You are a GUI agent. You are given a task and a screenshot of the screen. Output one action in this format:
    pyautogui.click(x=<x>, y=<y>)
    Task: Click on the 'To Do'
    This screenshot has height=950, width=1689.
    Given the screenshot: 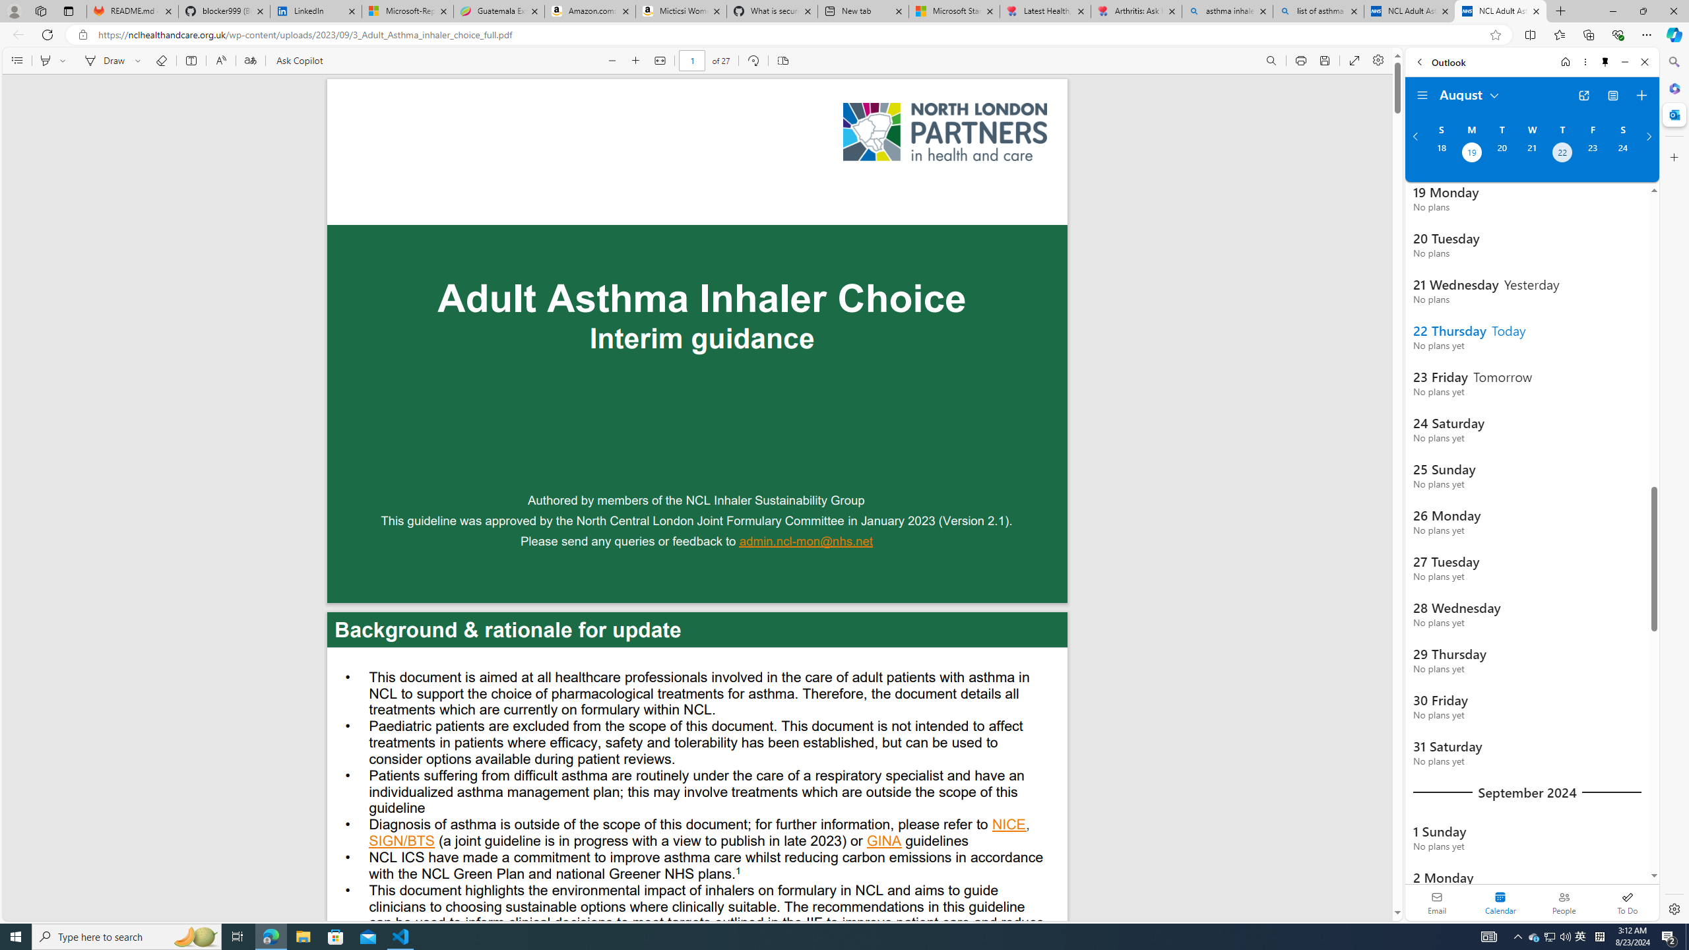 What is the action you would take?
    pyautogui.click(x=1627, y=902)
    